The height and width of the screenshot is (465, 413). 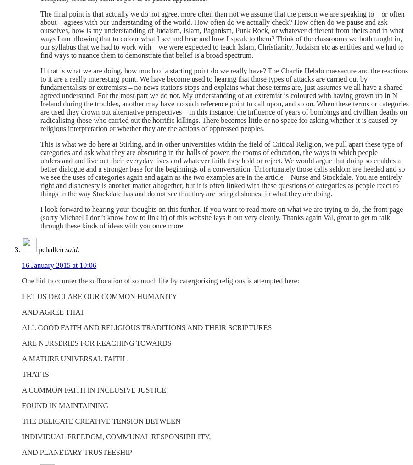 What do you see at coordinates (77, 452) in the screenshot?
I see `'AND PLANETARY TRUSTEESHIP'` at bounding box center [77, 452].